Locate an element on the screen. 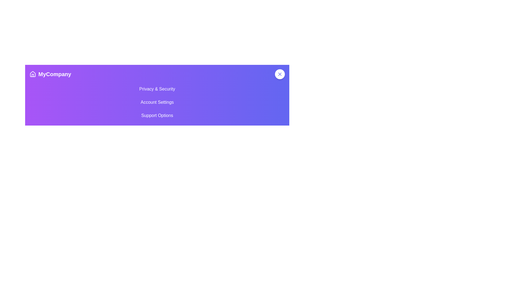  the logo icon located on the leftmost side of the purple header bar, immediately to the left of the text 'MyCompany' is located at coordinates (33, 73).